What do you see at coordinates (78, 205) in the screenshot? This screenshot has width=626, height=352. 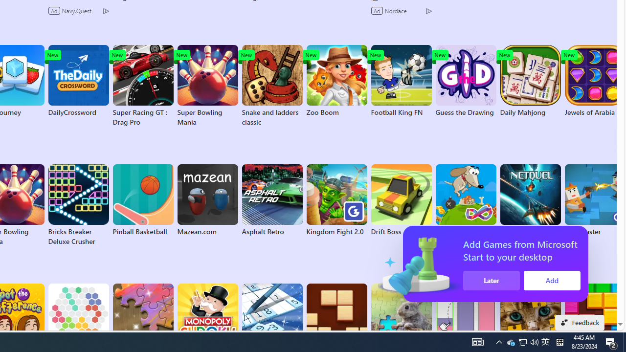 I see `'Bricks Breaker Deluxe Crusher'` at bounding box center [78, 205].